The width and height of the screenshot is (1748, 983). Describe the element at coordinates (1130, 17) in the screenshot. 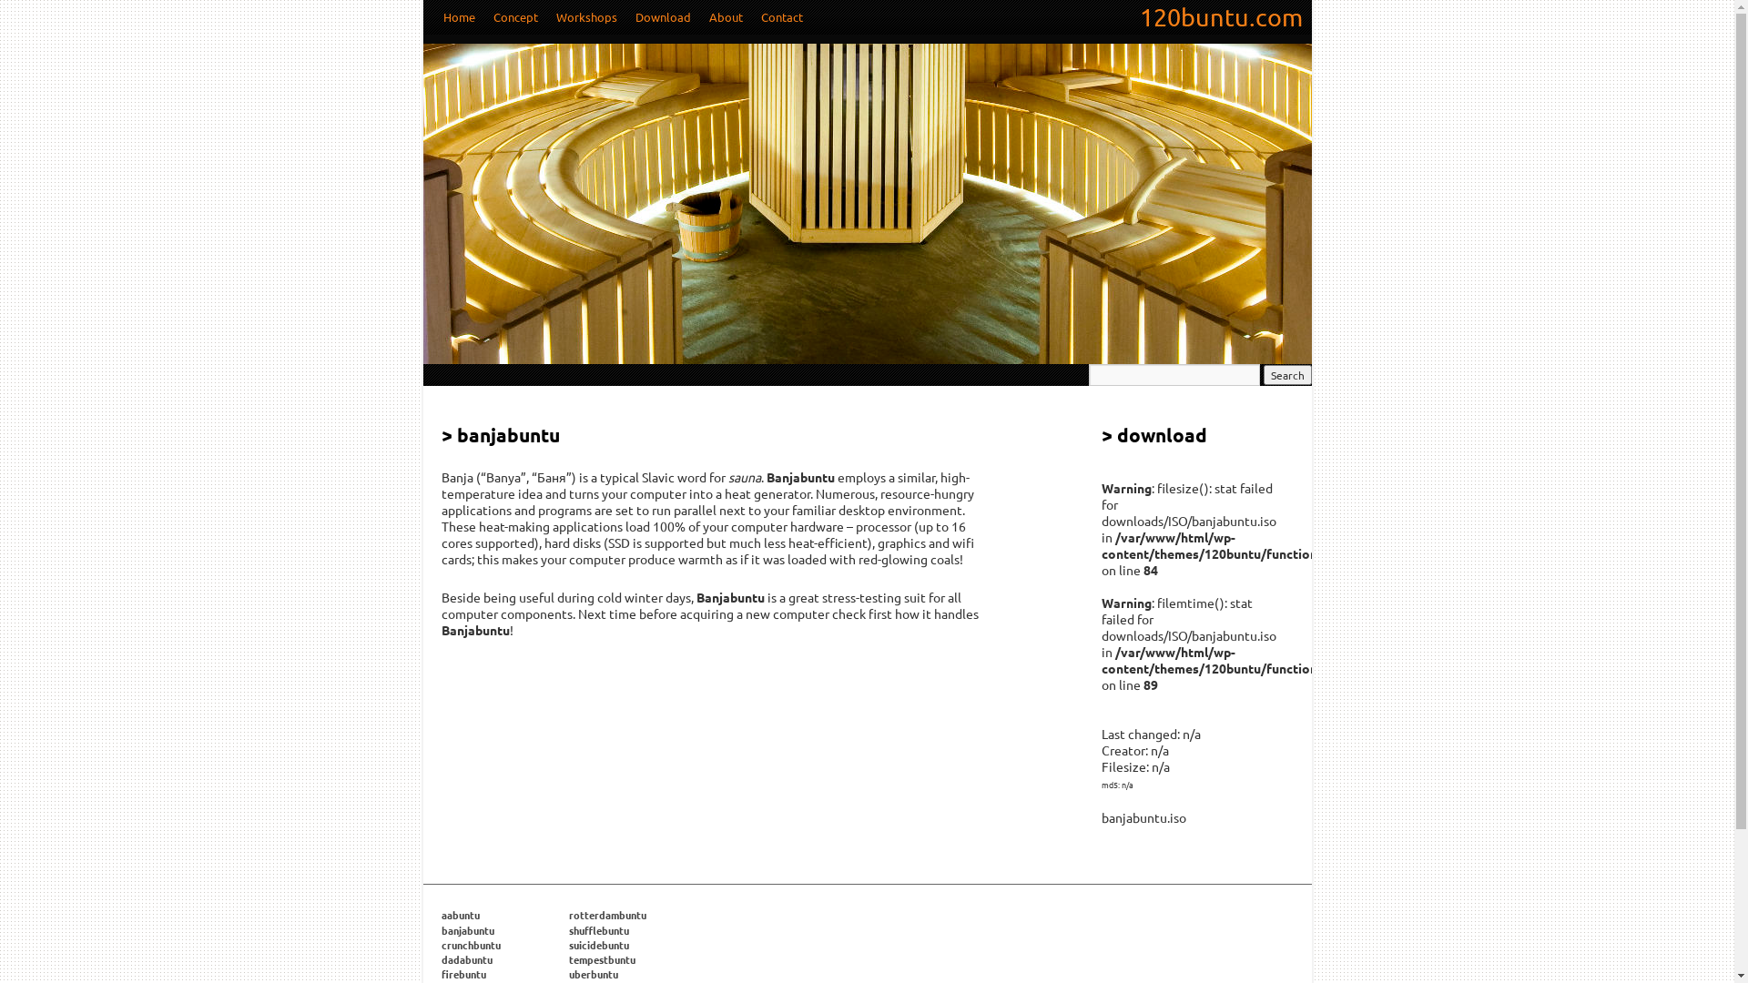

I see `'120buntu.com'` at that location.